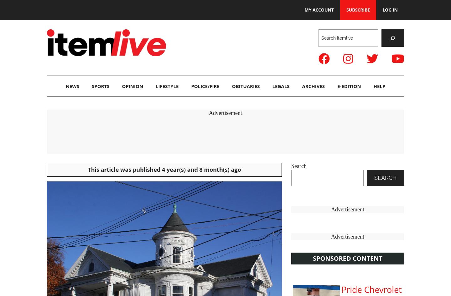 This screenshot has height=296, width=451. I want to click on 'Advertisement', so click(225, 112).